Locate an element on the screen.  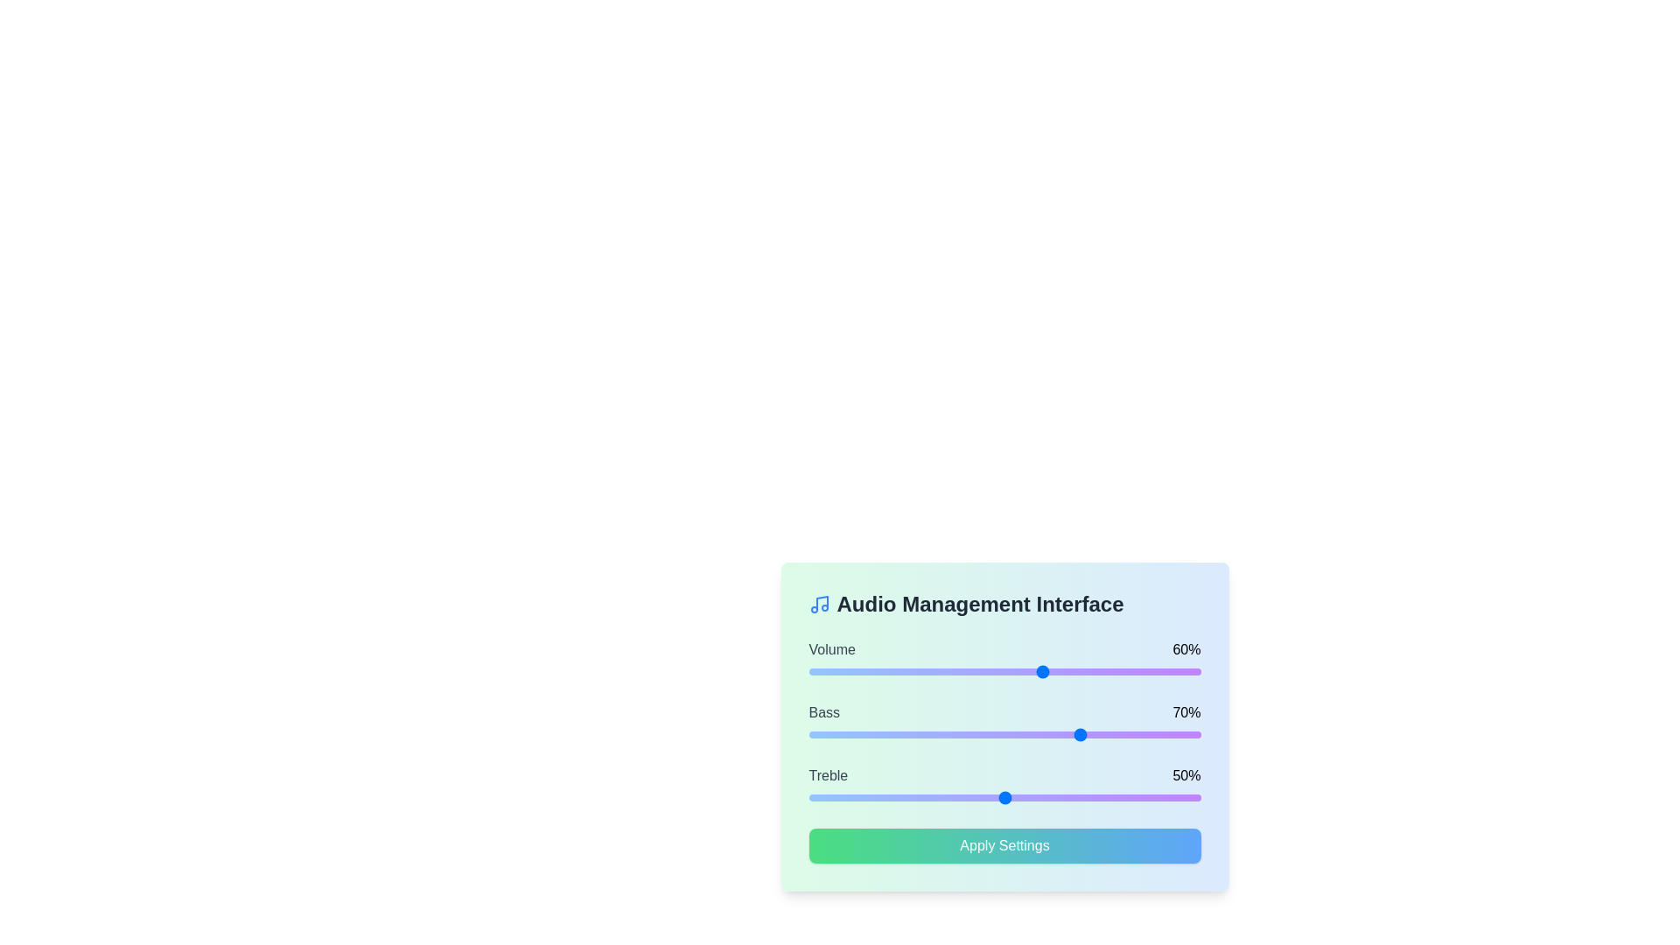
the treble level is located at coordinates (985, 797).